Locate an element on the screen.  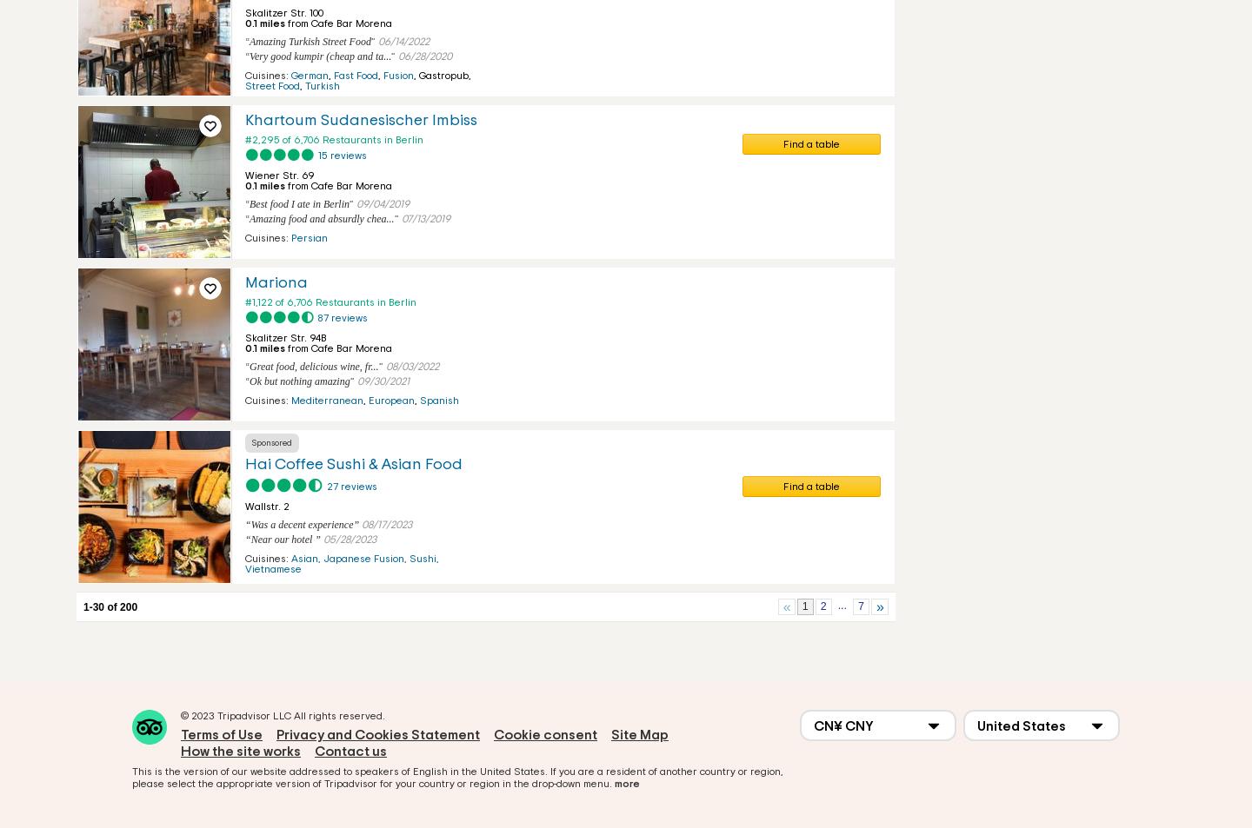
'Contact us' is located at coordinates (350, 752).